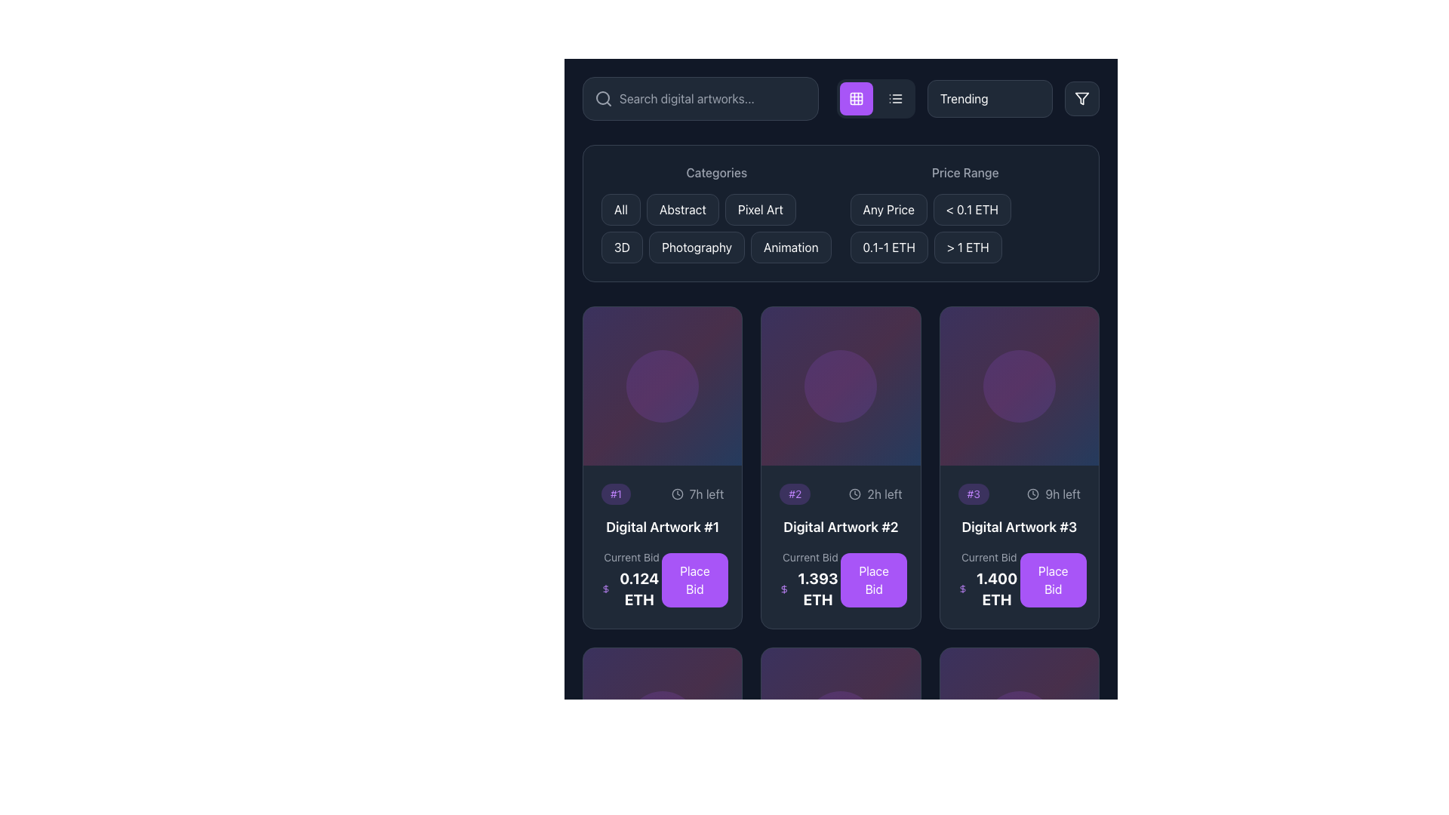 This screenshot has height=815, width=1449. What do you see at coordinates (968, 99) in the screenshot?
I see `the dropdown menu with white text reading 'TrendingNewestPrice: Low to HighPrice: High to Low'` at bounding box center [968, 99].